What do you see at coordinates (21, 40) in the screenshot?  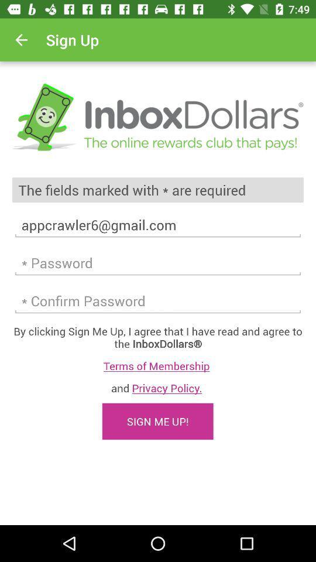 I see `icon to the left of the sign up item` at bounding box center [21, 40].